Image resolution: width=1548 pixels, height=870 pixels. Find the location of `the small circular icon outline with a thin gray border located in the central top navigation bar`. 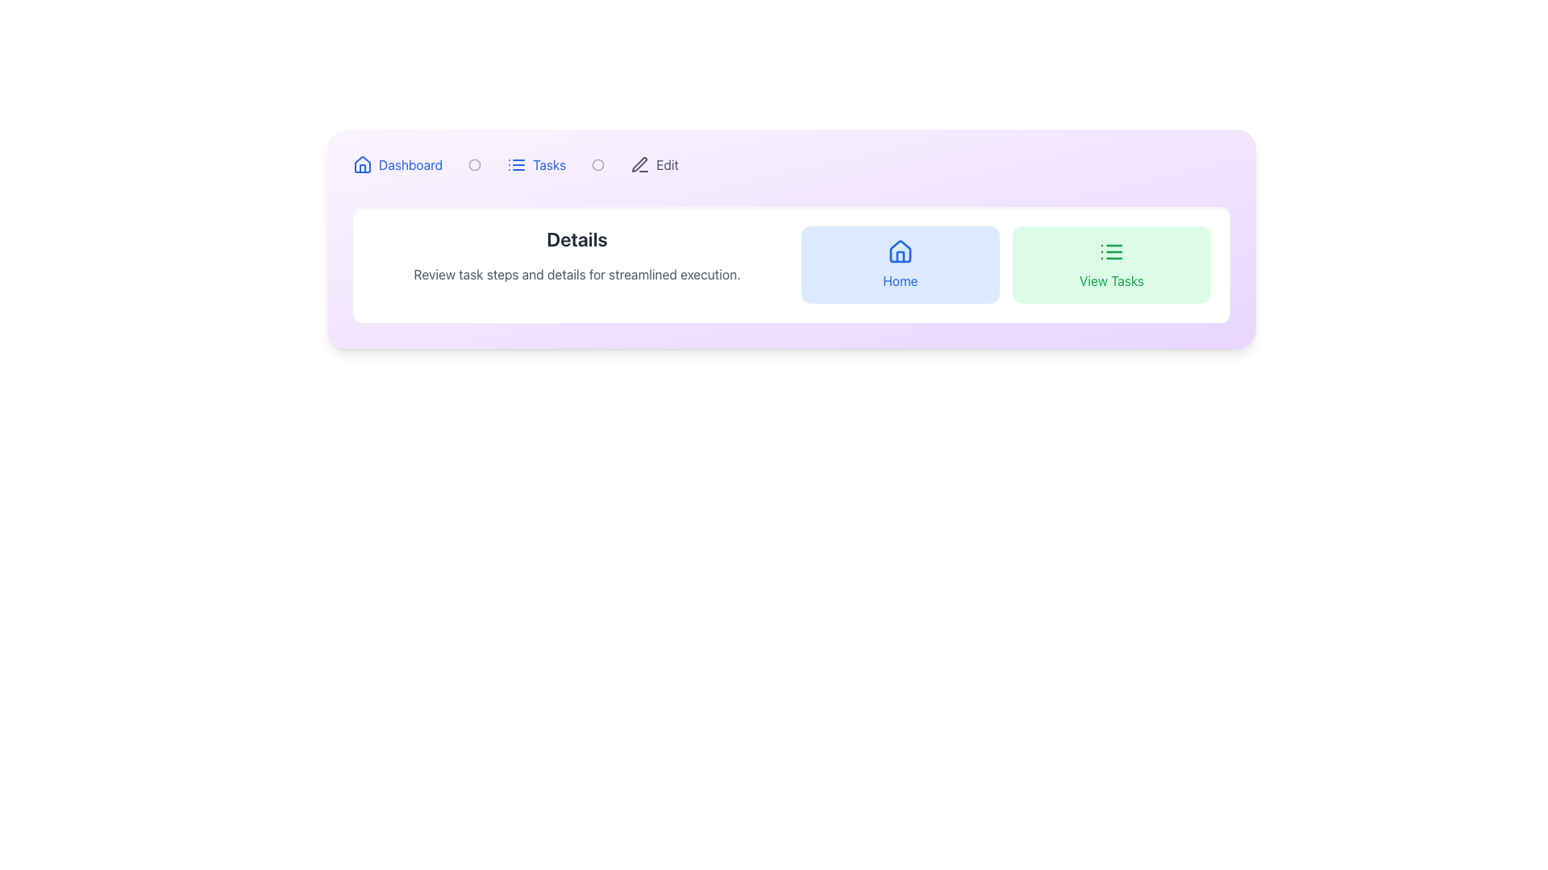

the small circular icon outline with a thin gray border located in the central top navigation bar is located at coordinates (474, 164).